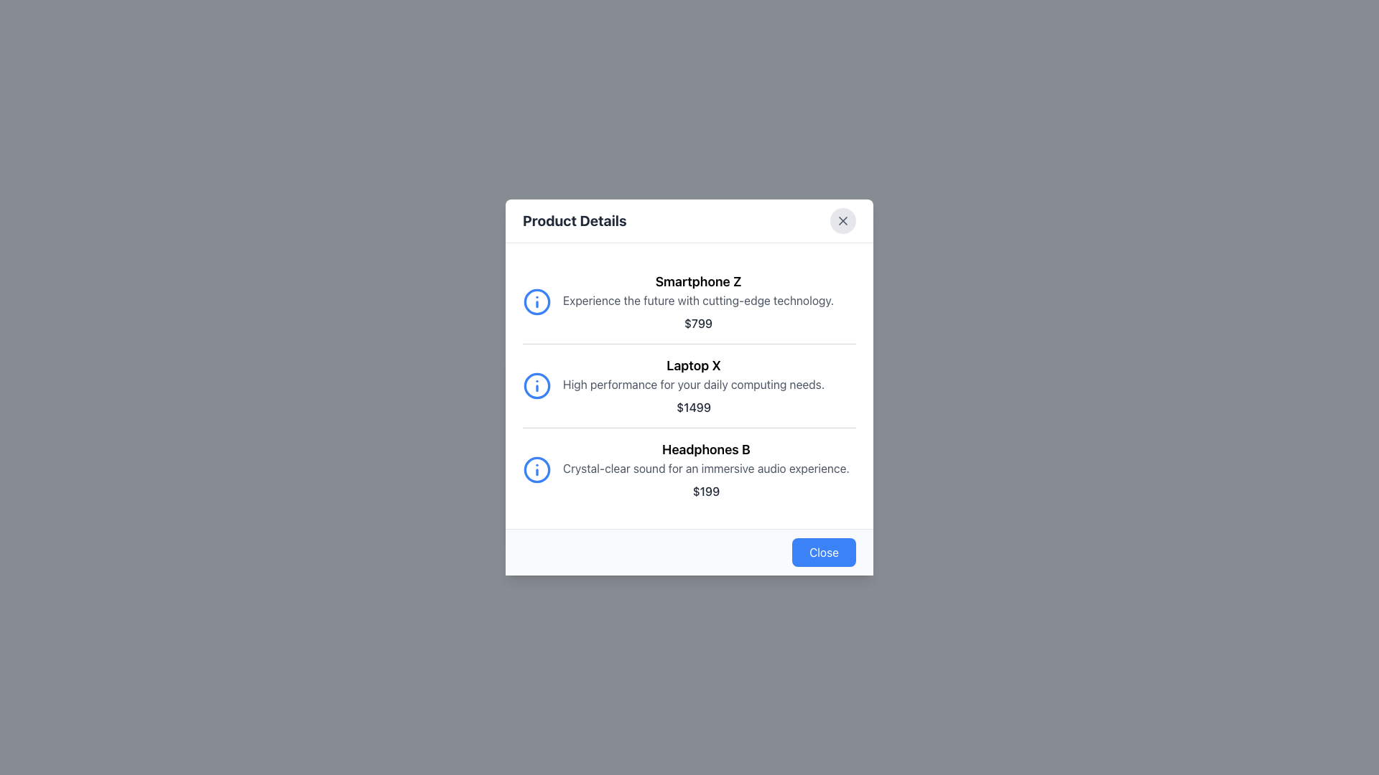 The height and width of the screenshot is (775, 1379). Describe the element at coordinates (824, 552) in the screenshot. I see `the 'Close' button located at the bottom-right corner of the modal` at that location.